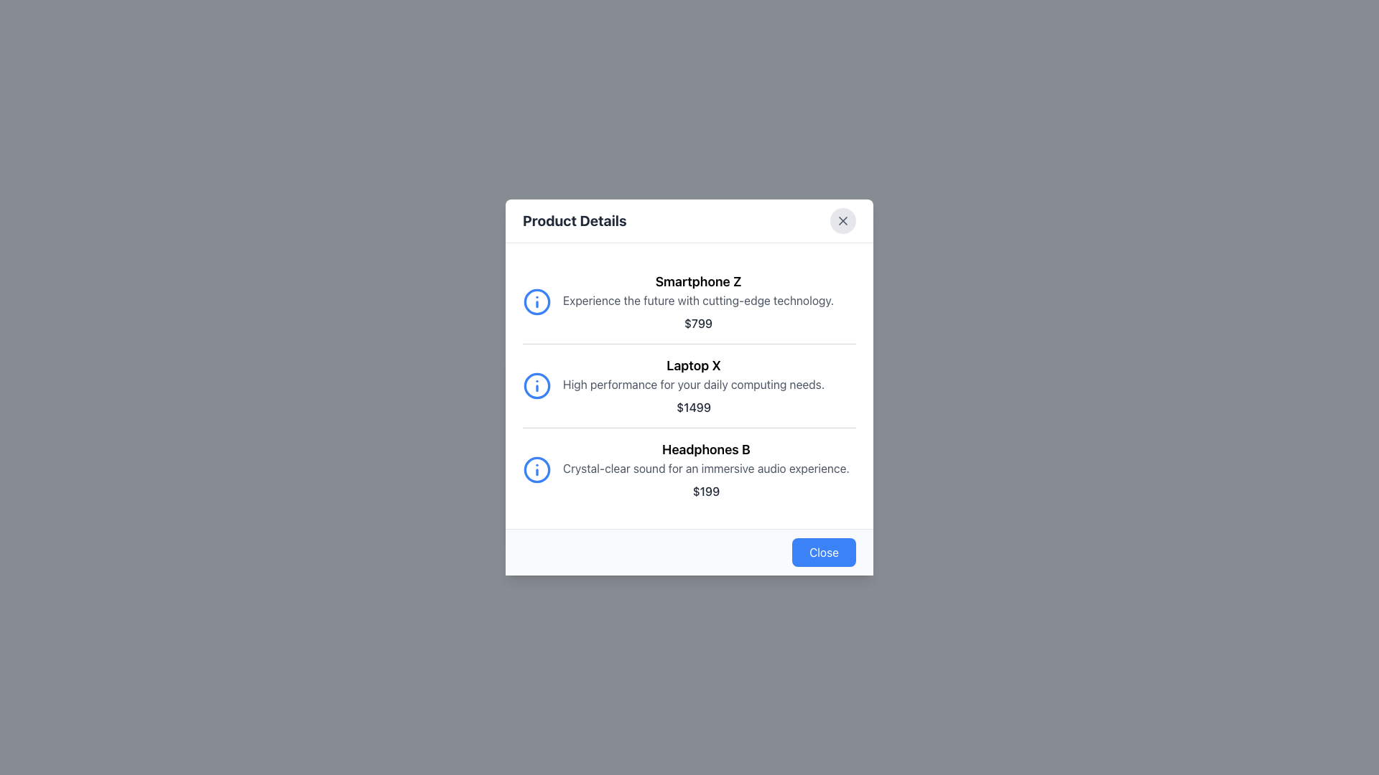 The height and width of the screenshot is (775, 1379). Describe the element at coordinates (824, 552) in the screenshot. I see `the 'Close' button located at the bottom-right corner of the modal` at that location.